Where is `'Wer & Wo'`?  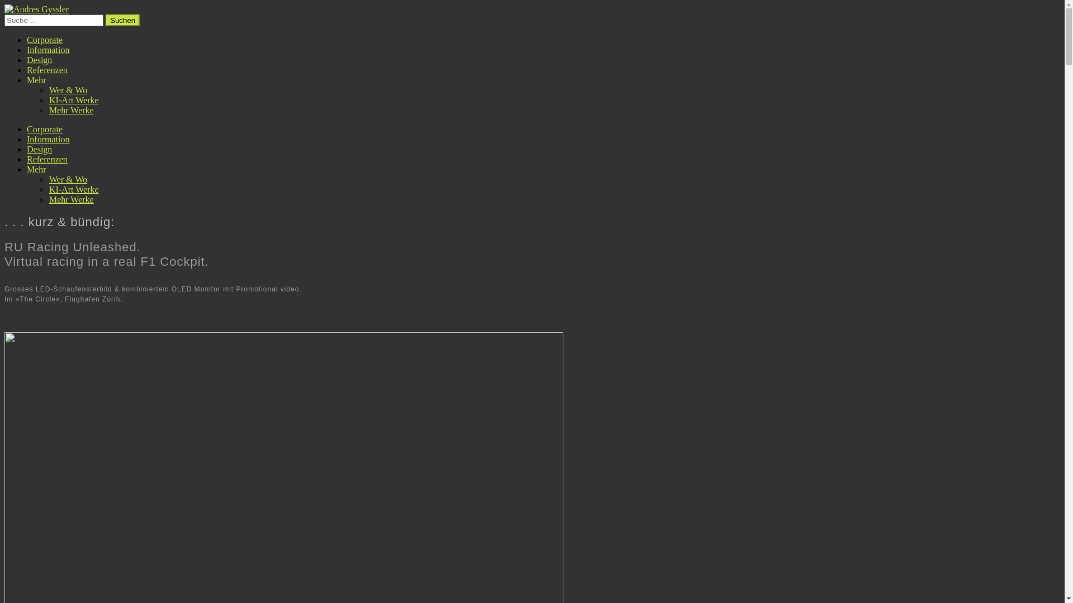
'Wer & Wo' is located at coordinates (67, 179).